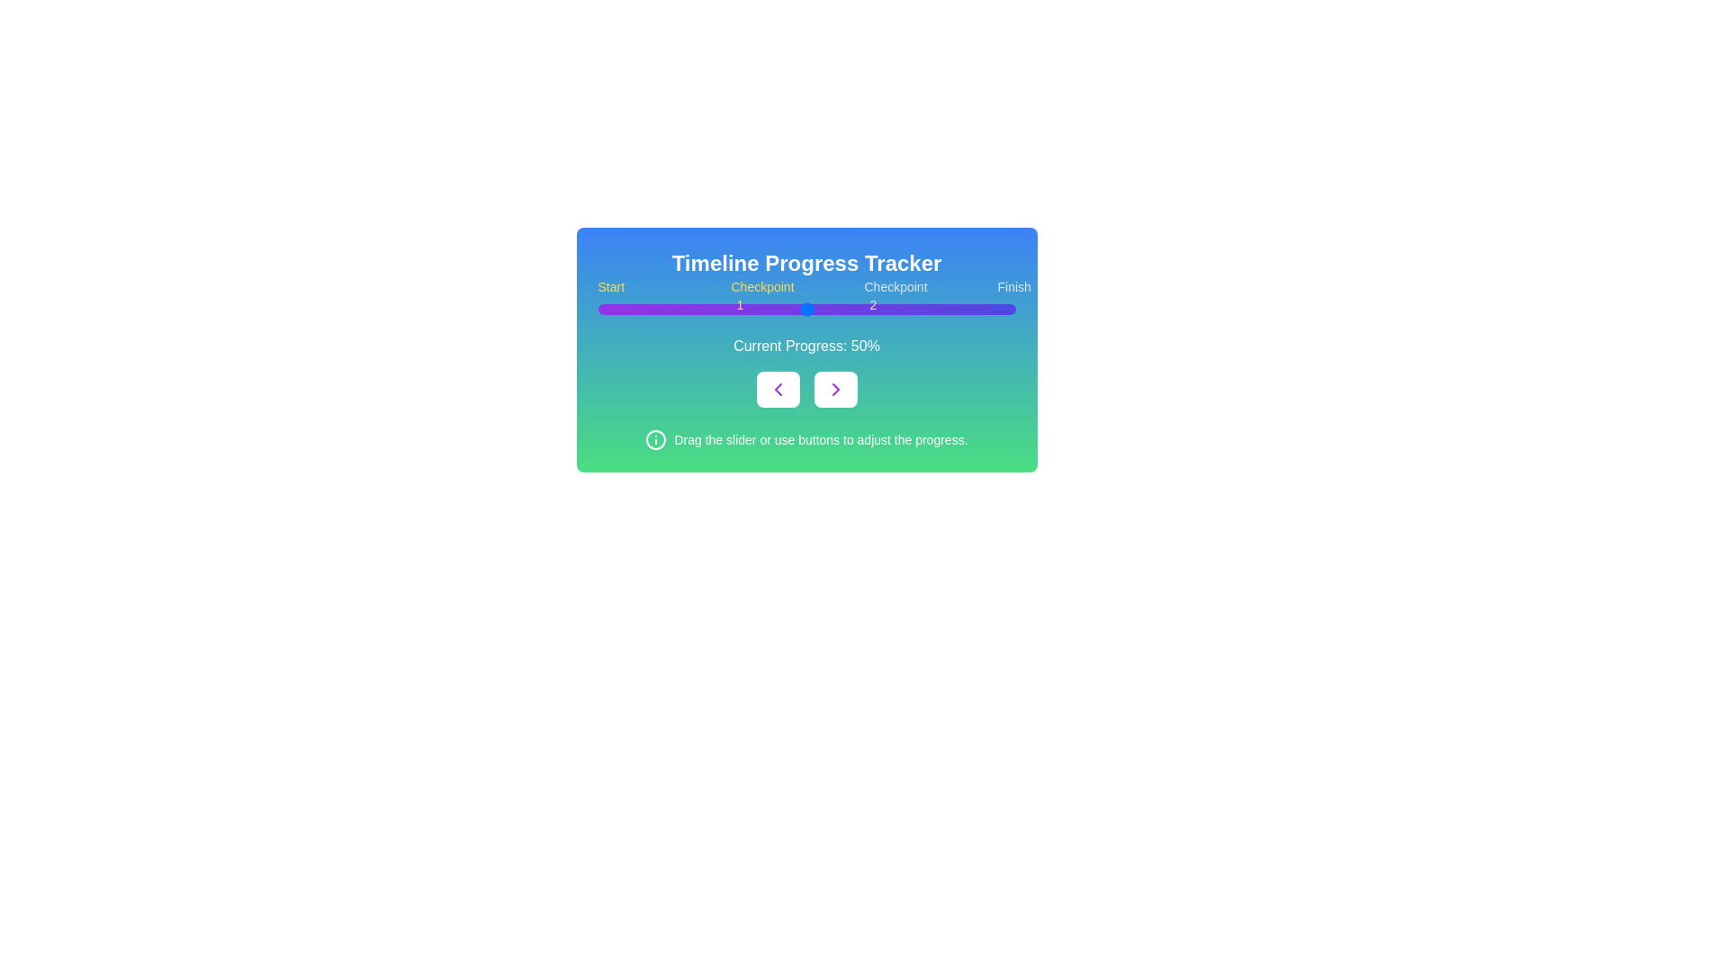  Describe the element at coordinates (865, 308) in the screenshot. I see `the progress` at that location.